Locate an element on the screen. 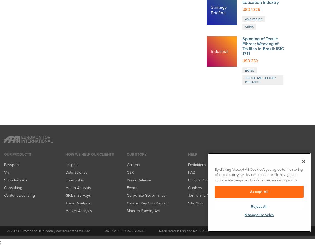 The height and width of the screenshot is (245, 315). 'Content Licensing' is located at coordinates (4, 17).